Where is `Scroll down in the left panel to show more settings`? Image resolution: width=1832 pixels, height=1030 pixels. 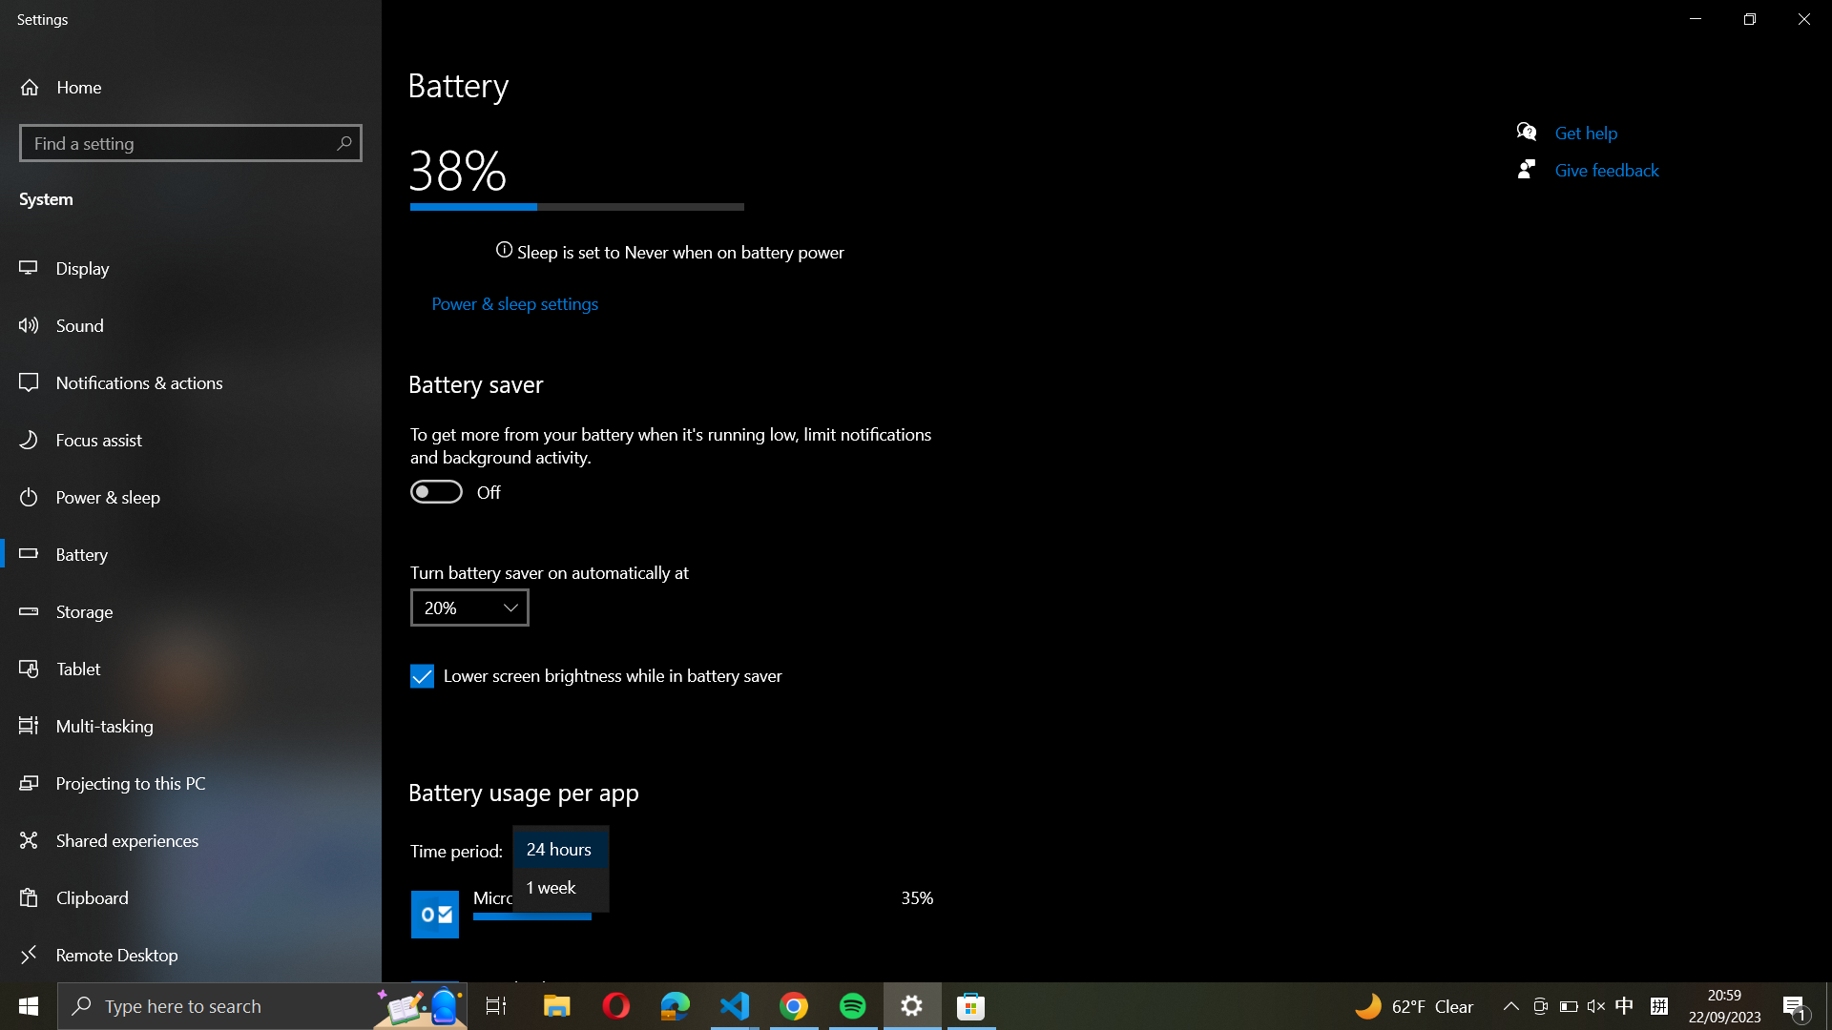
Scroll down in the left panel to show more settings is located at coordinates (371896, 1032575).